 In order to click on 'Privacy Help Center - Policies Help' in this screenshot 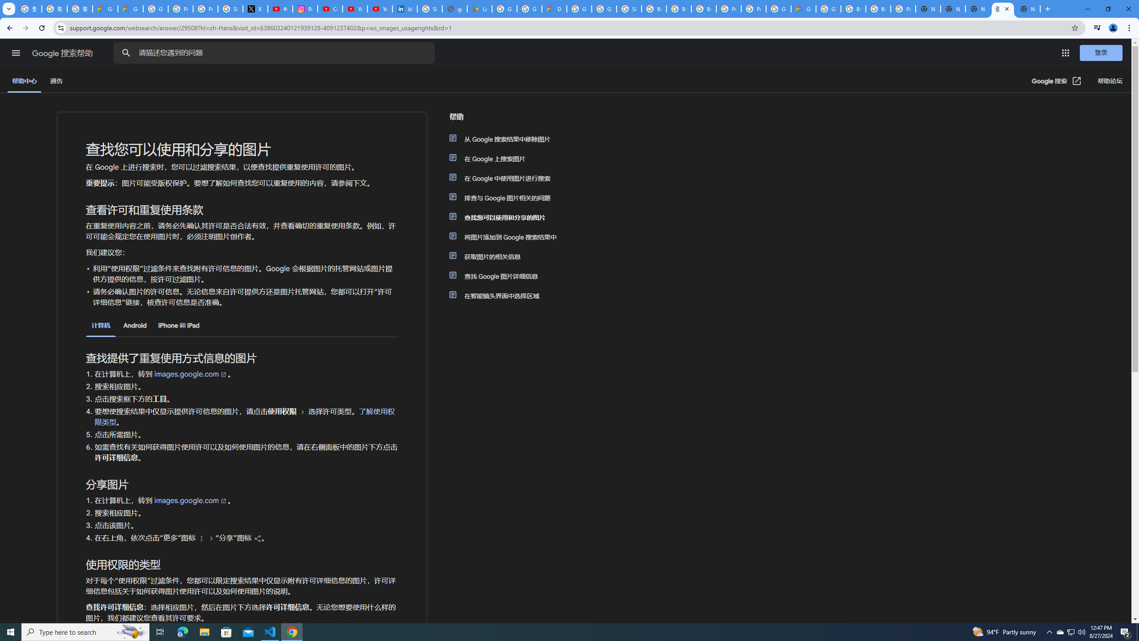, I will do `click(205, 8)`.